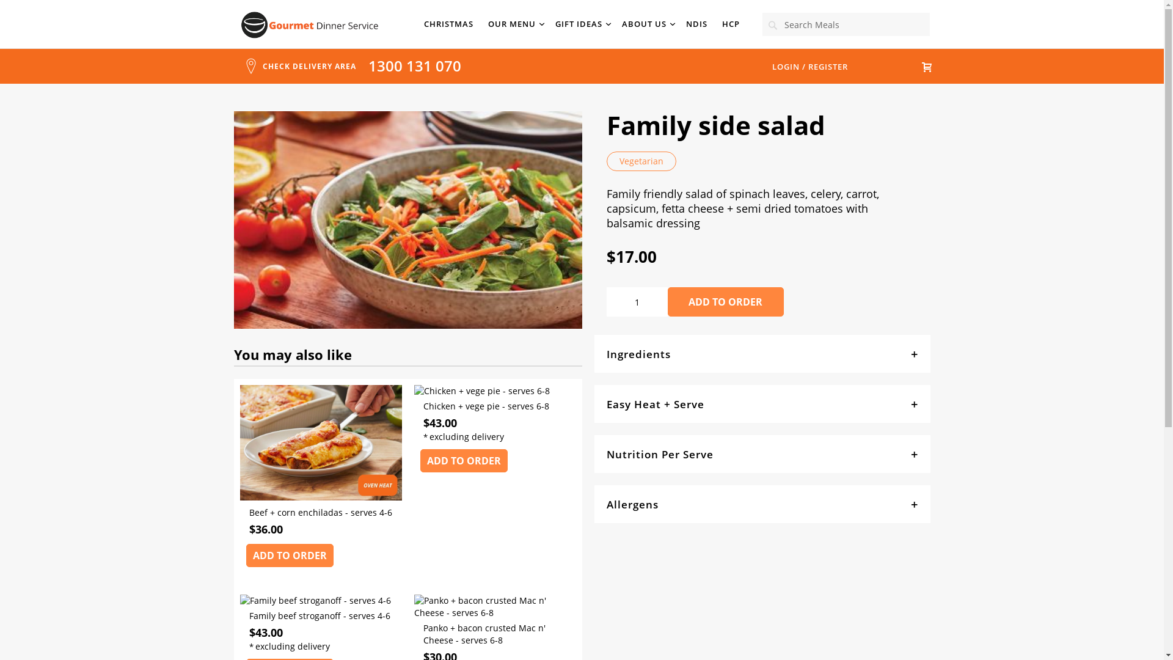 The image size is (1173, 660). Describe the element at coordinates (320, 623) in the screenshot. I see `'Family beef stroganoff - serves 4-6'` at that location.